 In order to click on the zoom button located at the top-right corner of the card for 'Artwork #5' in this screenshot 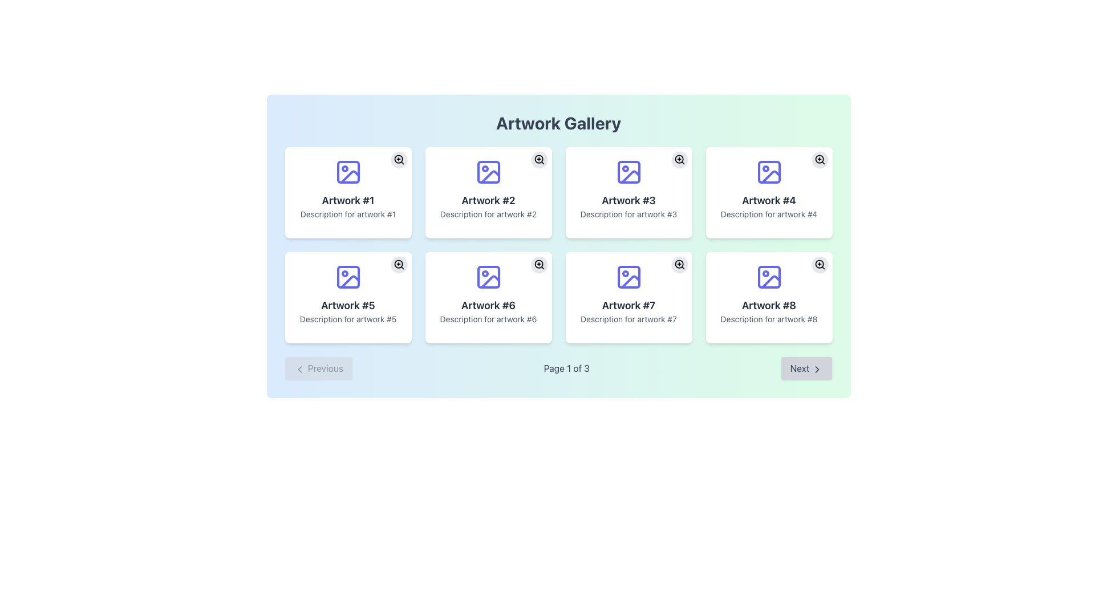, I will do `click(399, 264)`.